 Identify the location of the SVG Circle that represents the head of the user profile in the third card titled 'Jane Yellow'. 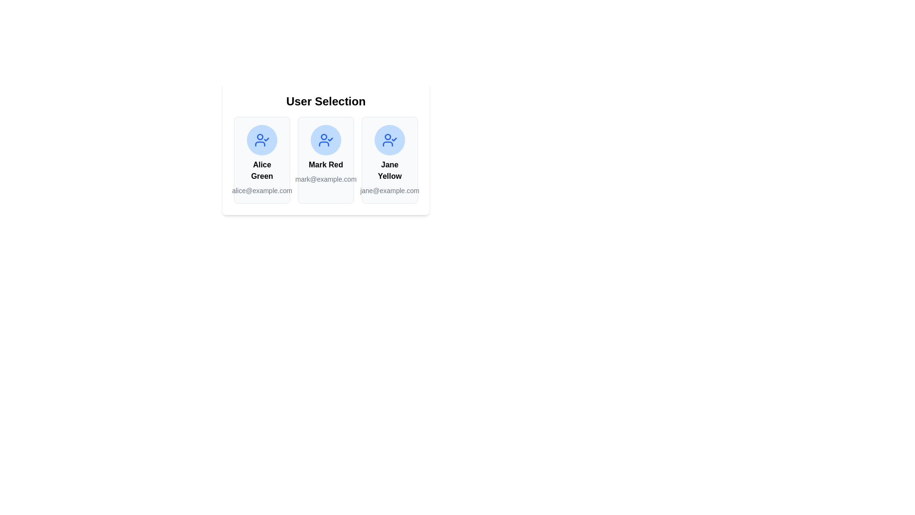
(388, 136).